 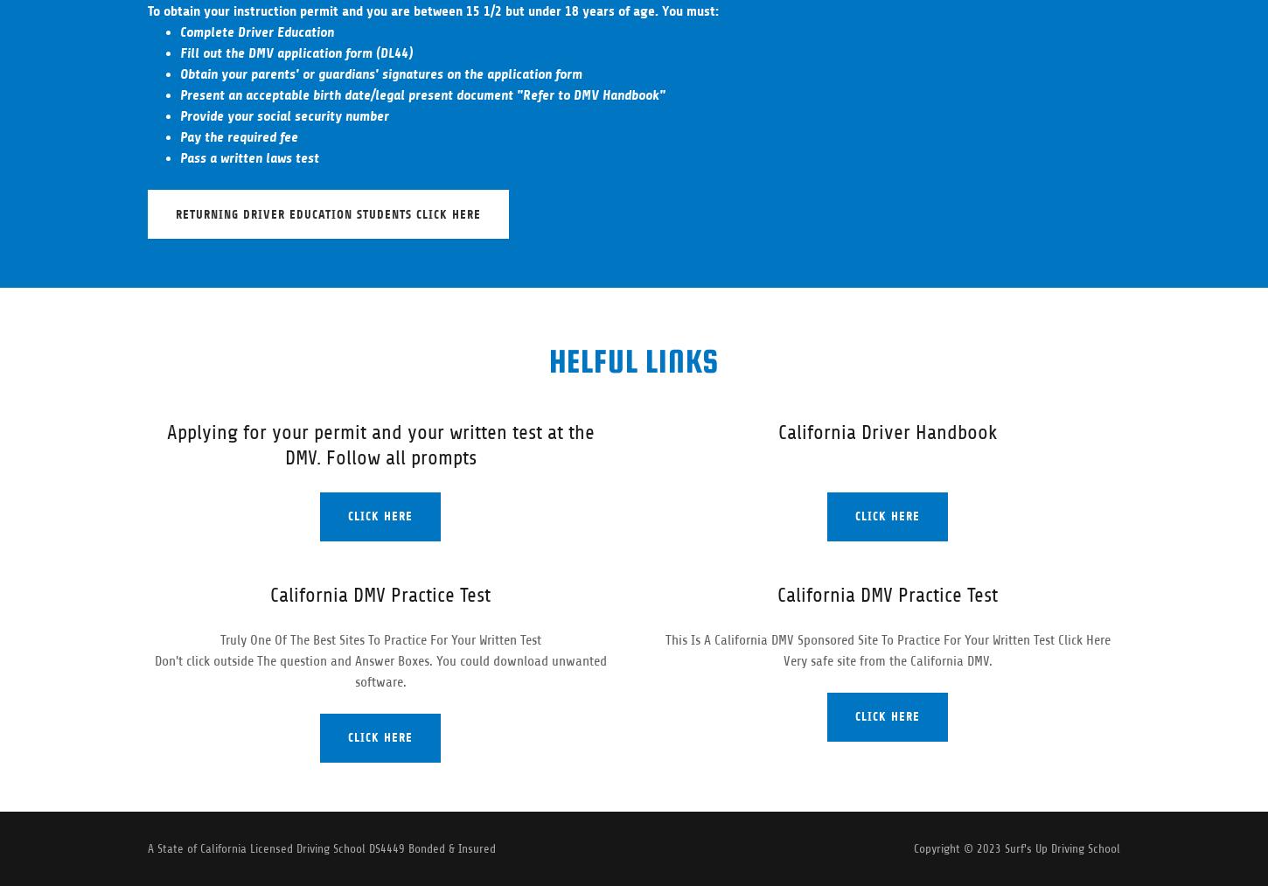 I want to click on 'To obtain your instruction permit and you are between 15 1/2 but under 18 years of age. You must:', so click(x=433, y=10).